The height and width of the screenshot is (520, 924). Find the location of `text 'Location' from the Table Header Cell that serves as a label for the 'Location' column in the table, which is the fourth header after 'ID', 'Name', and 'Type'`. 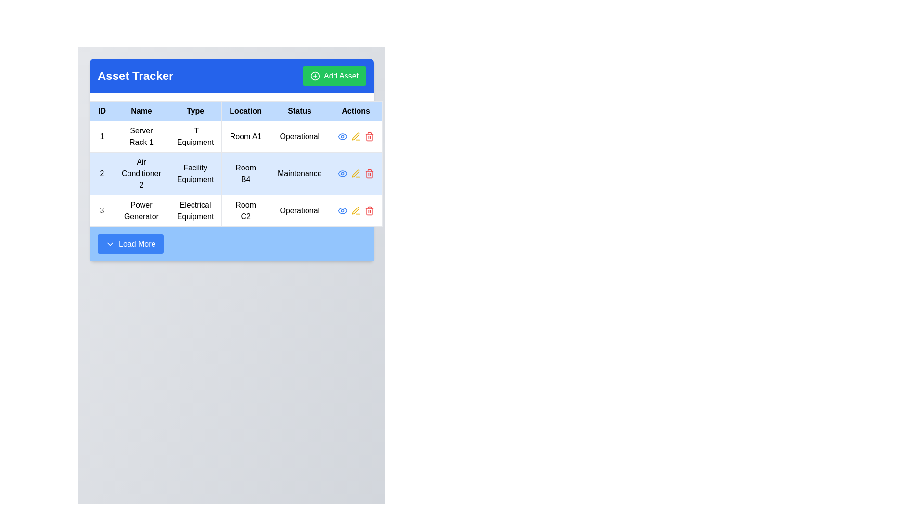

text 'Location' from the Table Header Cell that serves as a label for the 'Location' column in the table, which is the fourth header after 'ID', 'Name', and 'Type' is located at coordinates (245, 111).